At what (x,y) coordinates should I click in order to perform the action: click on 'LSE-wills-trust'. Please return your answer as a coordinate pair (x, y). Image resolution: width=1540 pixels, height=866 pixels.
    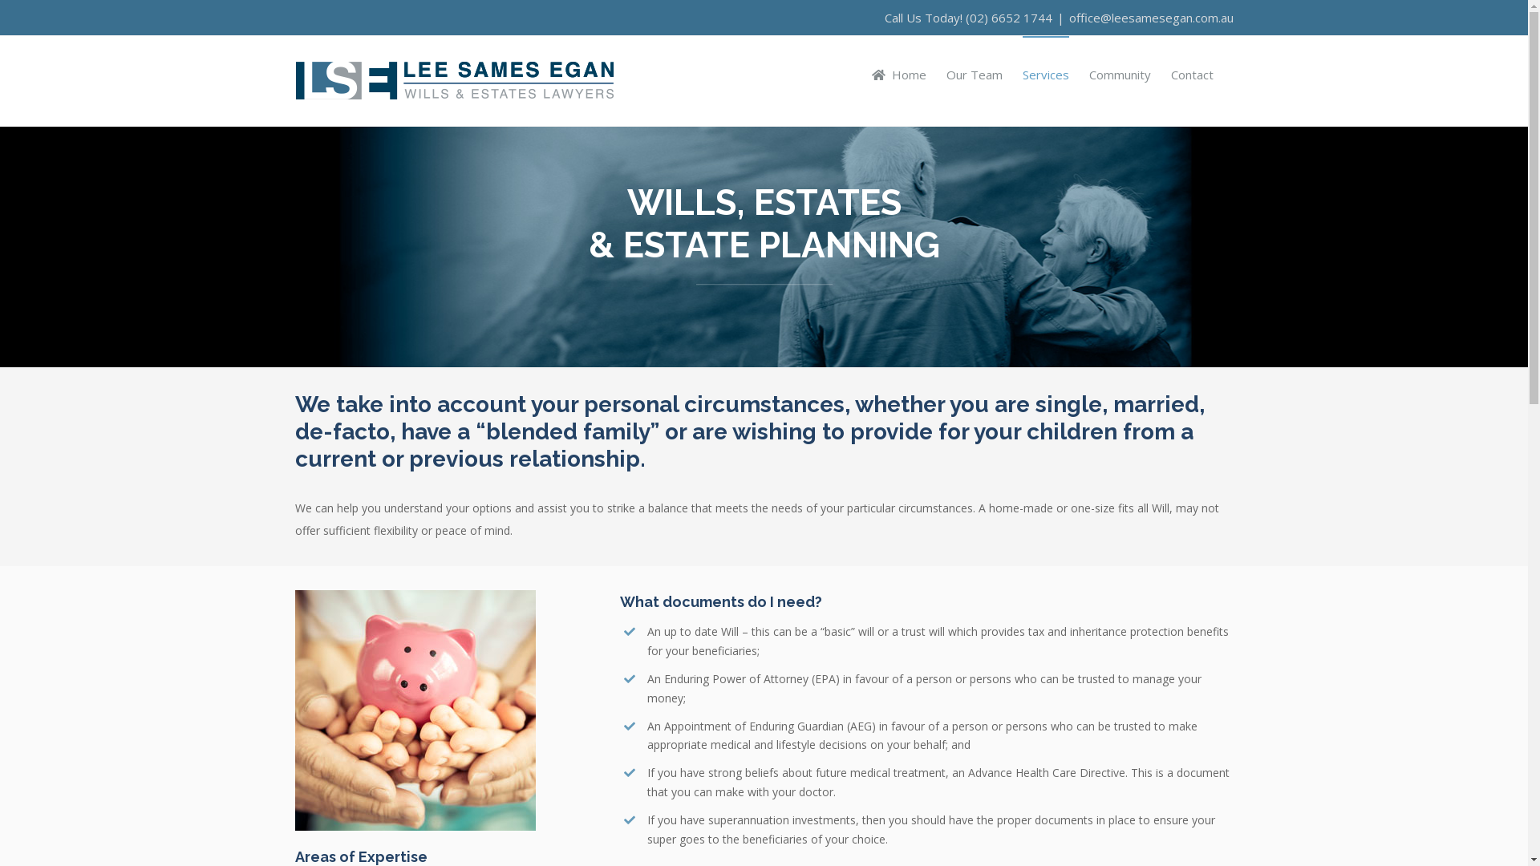
    Looking at the image, I should click on (295, 710).